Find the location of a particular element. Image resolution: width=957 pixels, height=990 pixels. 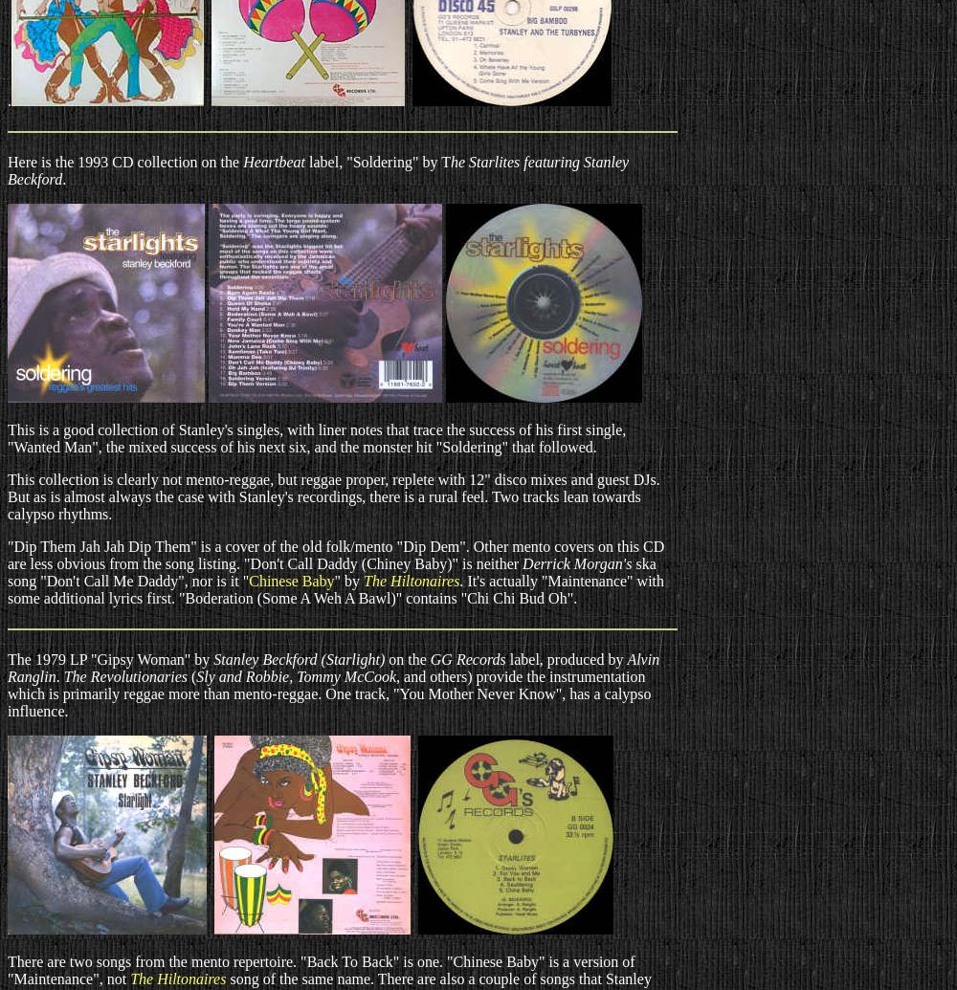

'Sly and Robbie, Tommy 
		McCook,' is located at coordinates (298, 675).